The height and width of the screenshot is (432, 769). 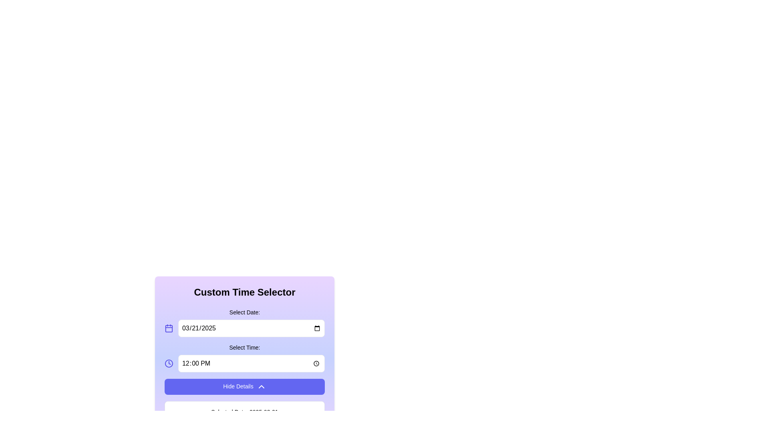 What do you see at coordinates (261, 386) in the screenshot?
I see `the state of the chevron-shaped icon above the 'Hide Details' text within the button at the bottom of the modal interface` at bounding box center [261, 386].